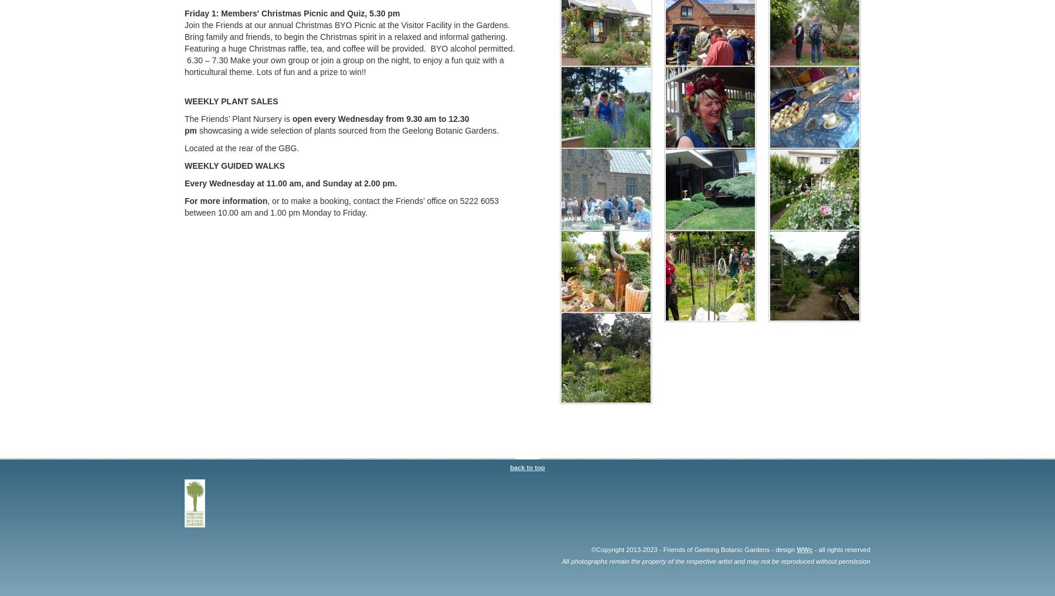 This screenshot has height=596, width=1055. I want to click on '- all rights reserved', so click(840, 548).